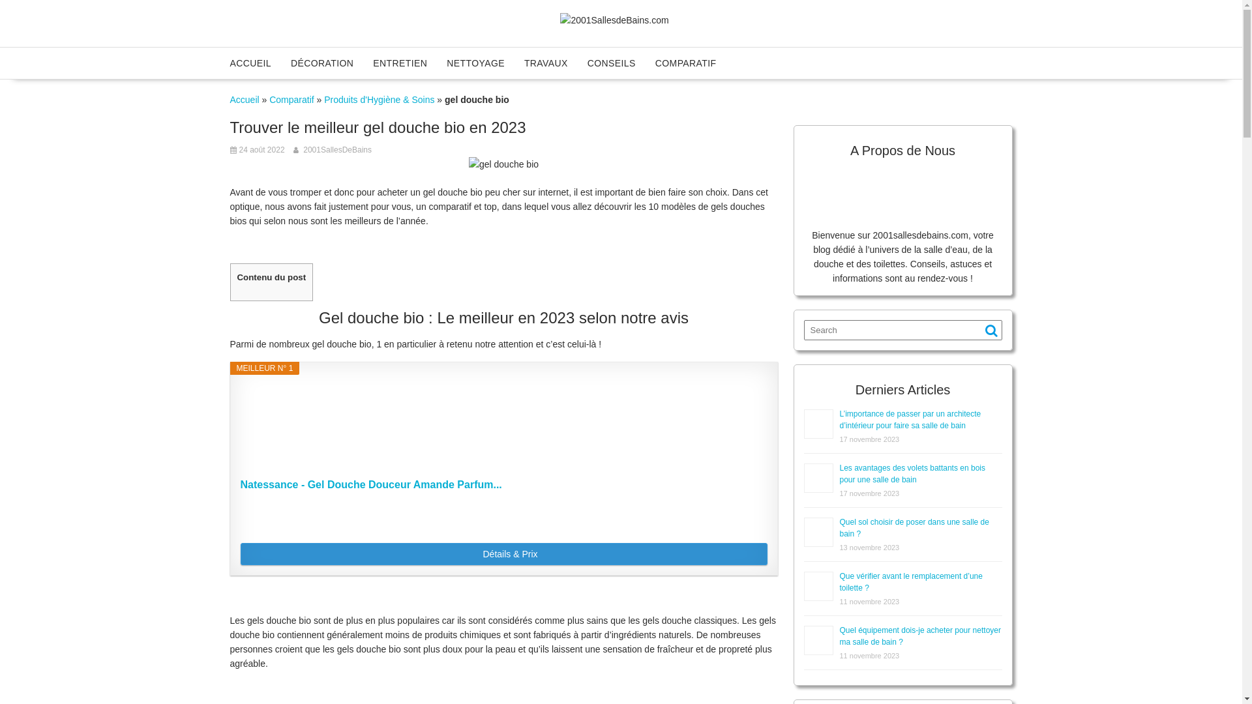 This screenshot has width=1252, height=704. Describe the element at coordinates (914, 528) in the screenshot. I see `'Quel sol choisir de poser dans une salle de bain ?'` at that location.